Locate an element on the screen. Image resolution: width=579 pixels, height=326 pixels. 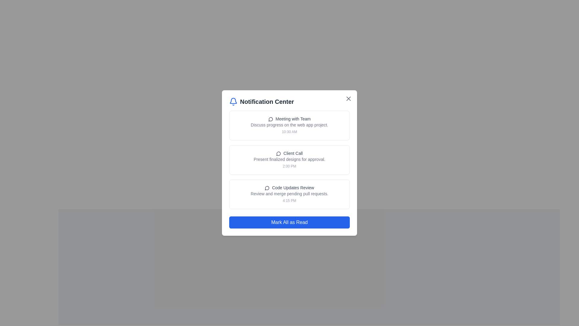
the circular speech bubble styled icon located on the left side of the 'Meeting with Team' text within the notification card is located at coordinates (270, 119).